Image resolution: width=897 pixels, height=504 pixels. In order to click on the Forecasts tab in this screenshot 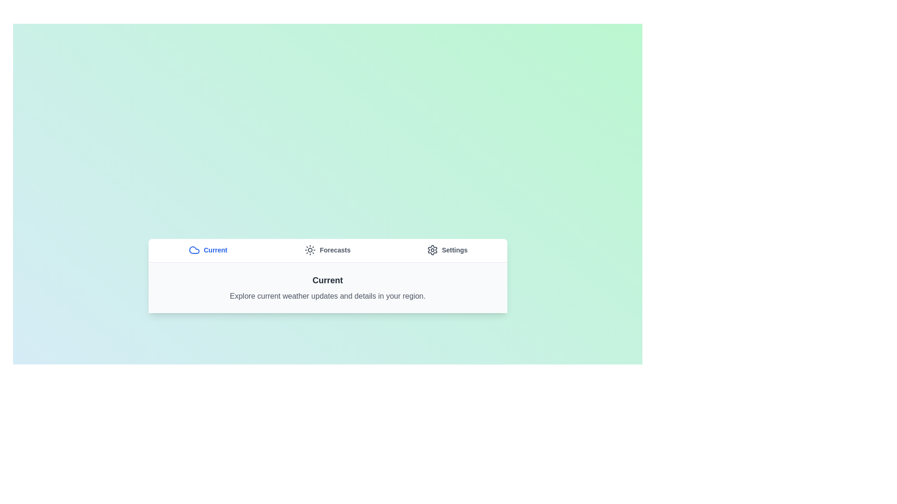, I will do `click(327, 250)`.